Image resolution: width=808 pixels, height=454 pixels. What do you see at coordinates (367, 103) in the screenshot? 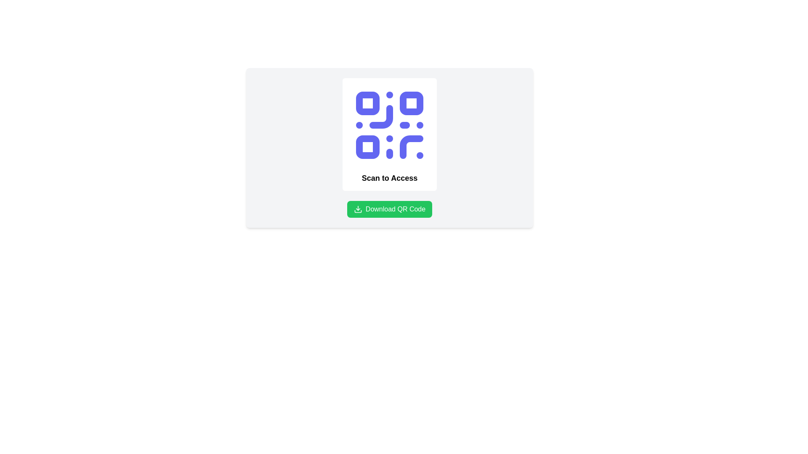
I see `the small rounded square of blue color with a white fill located at the top-left corner of the QR code graphic` at bounding box center [367, 103].